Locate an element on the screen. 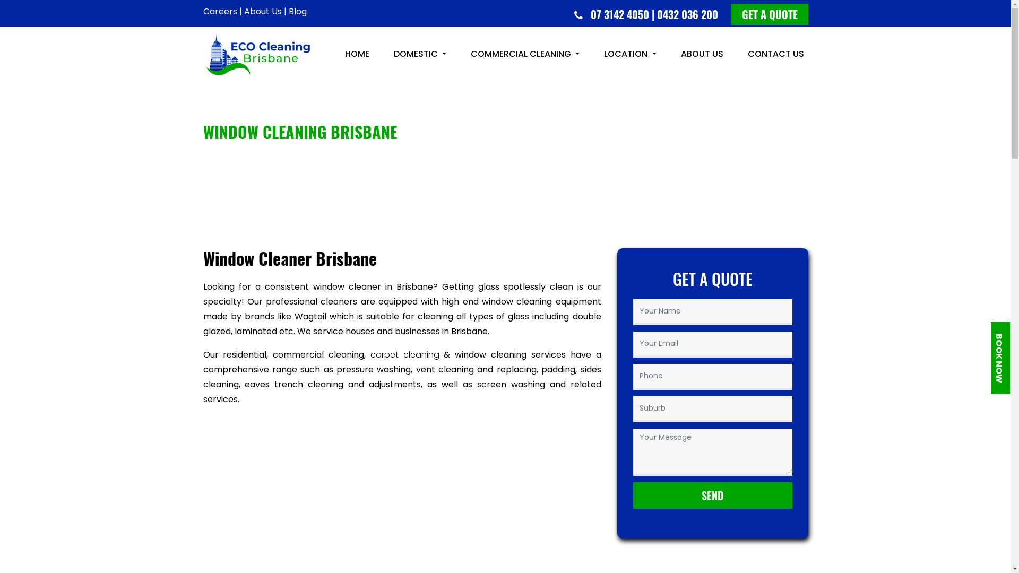 This screenshot has width=1019, height=573. '07 3142 4050 | 0432 036 200' is located at coordinates (656, 14).